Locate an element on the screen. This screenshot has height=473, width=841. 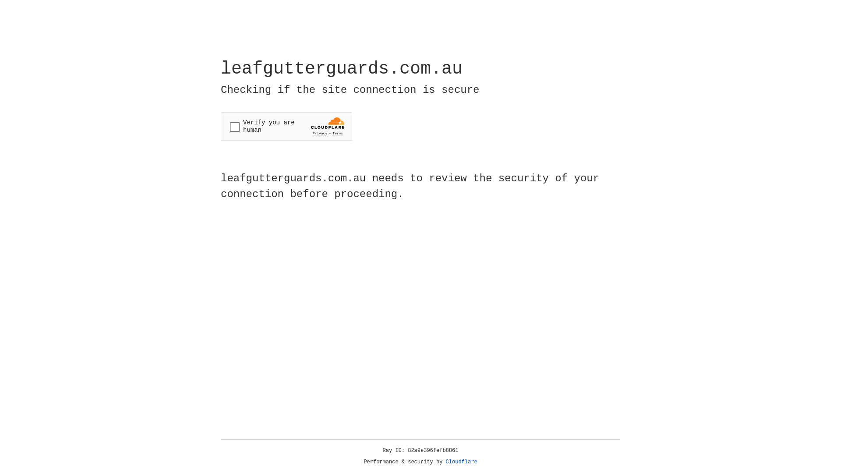
'Widget containing a Cloudflare security challenge' is located at coordinates (286, 126).